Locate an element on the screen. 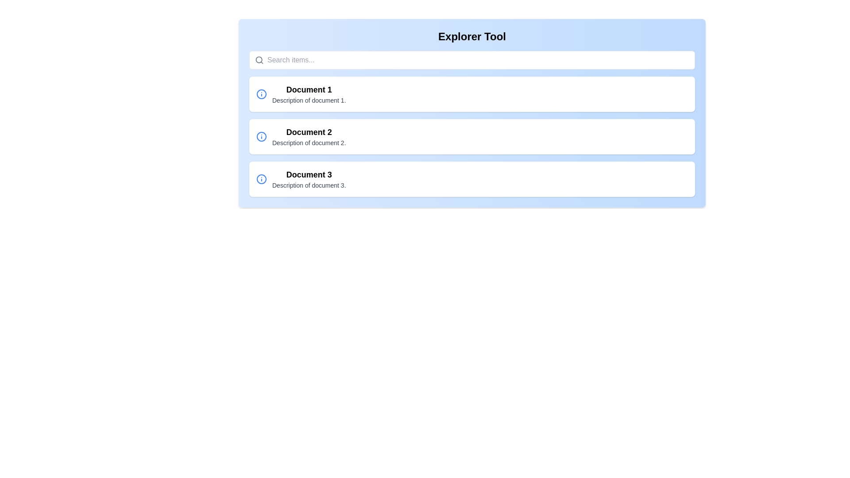 The width and height of the screenshot is (850, 478). the prominently displayed text label reading 'Document 1' is located at coordinates (309, 90).